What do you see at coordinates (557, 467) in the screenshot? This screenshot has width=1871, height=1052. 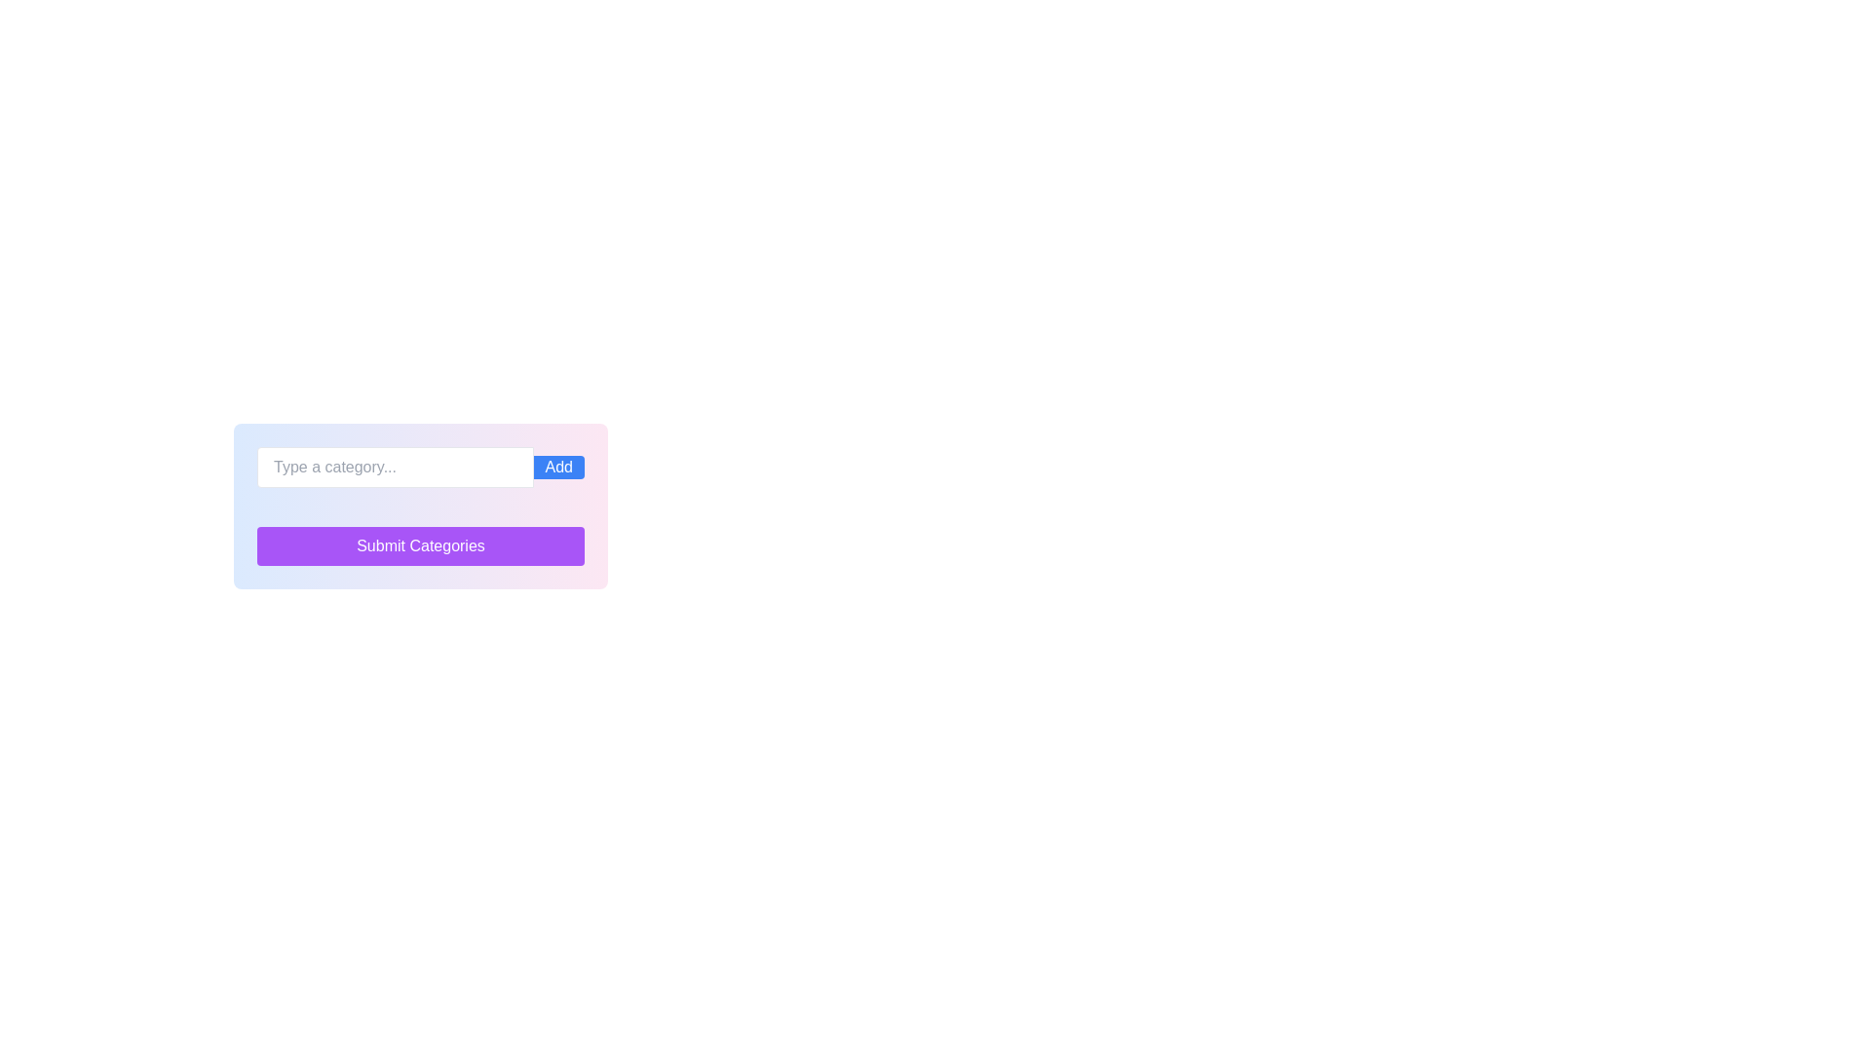 I see `the 'Add' button, which is a rectangular button with rounded corners, blue background, and white text, located at the far-right side of the input field labeled 'Type a category...'` at bounding box center [557, 467].